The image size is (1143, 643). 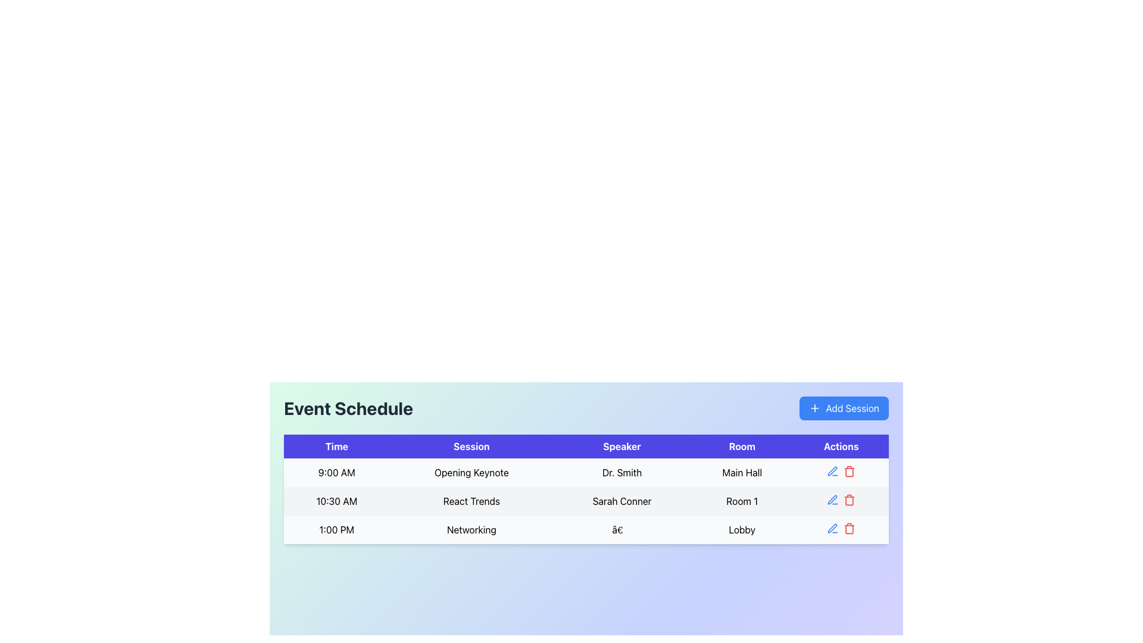 What do you see at coordinates (840, 500) in the screenshot?
I see `the blue pencil icon in the 'Actions' column of the table row labeled 'React Trends - Sarah Conner - Room 1' to initiate editing` at bounding box center [840, 500].